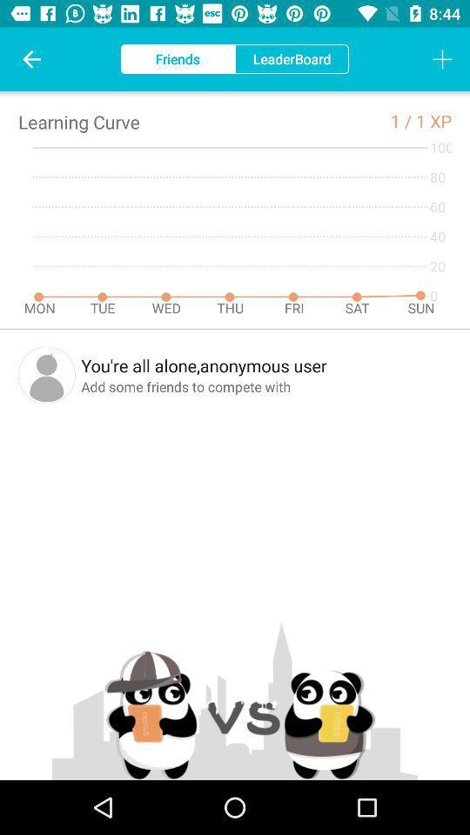 The height and width of the screenshot is (835, 470). I want to click on 1 xp, so click(433, 120).